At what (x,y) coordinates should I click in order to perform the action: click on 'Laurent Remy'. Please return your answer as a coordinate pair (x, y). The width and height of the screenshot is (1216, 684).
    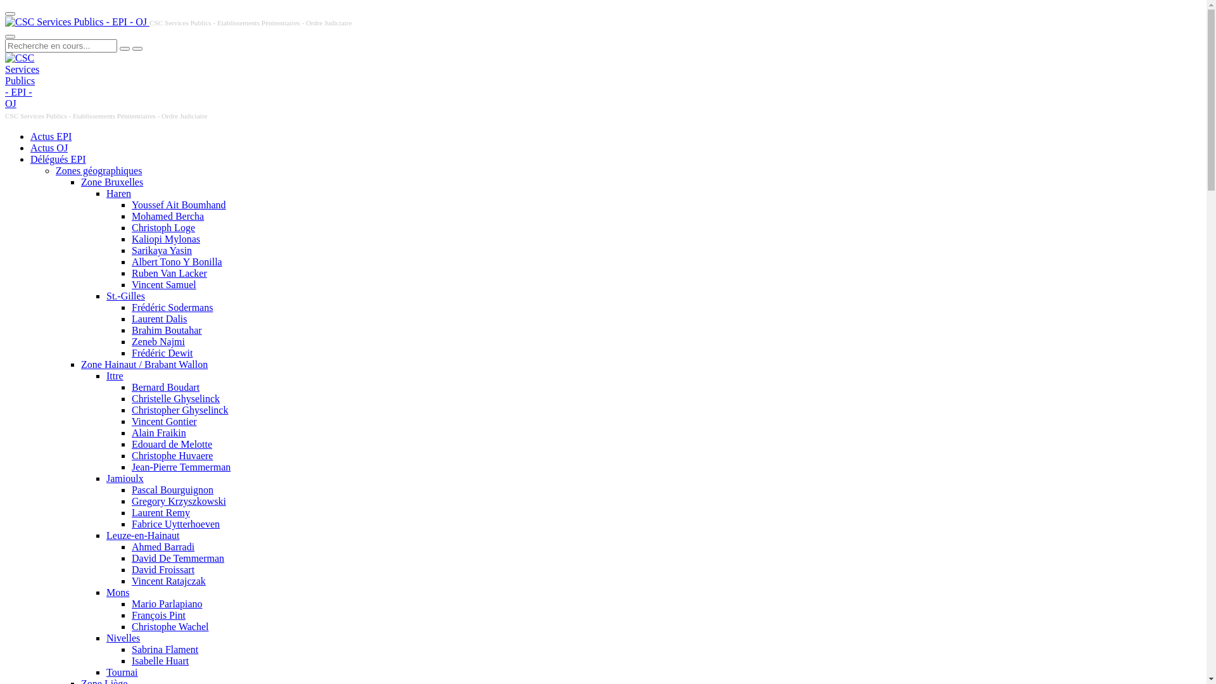
    Looking at the image, I should click on (160, 512).